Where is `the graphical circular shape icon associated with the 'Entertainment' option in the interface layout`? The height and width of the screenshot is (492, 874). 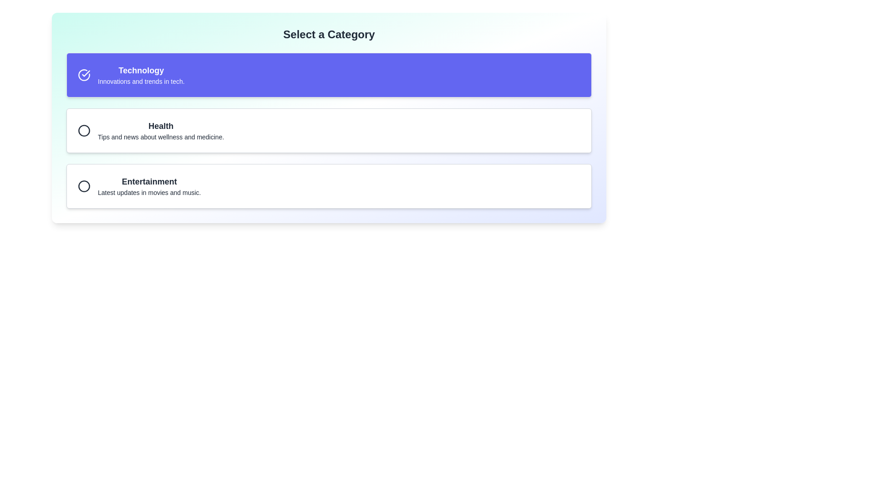
the graphical circular shape icon associated with the 'Entertainment' option in the interface layout is located at coordinates (84, 185).